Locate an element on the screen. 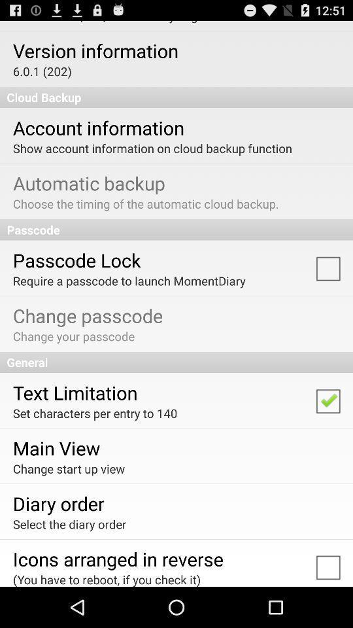 Image resolution: width=353 pixels, height=628 pixels. the app below change your passcode is located at coordinates (176, 362).